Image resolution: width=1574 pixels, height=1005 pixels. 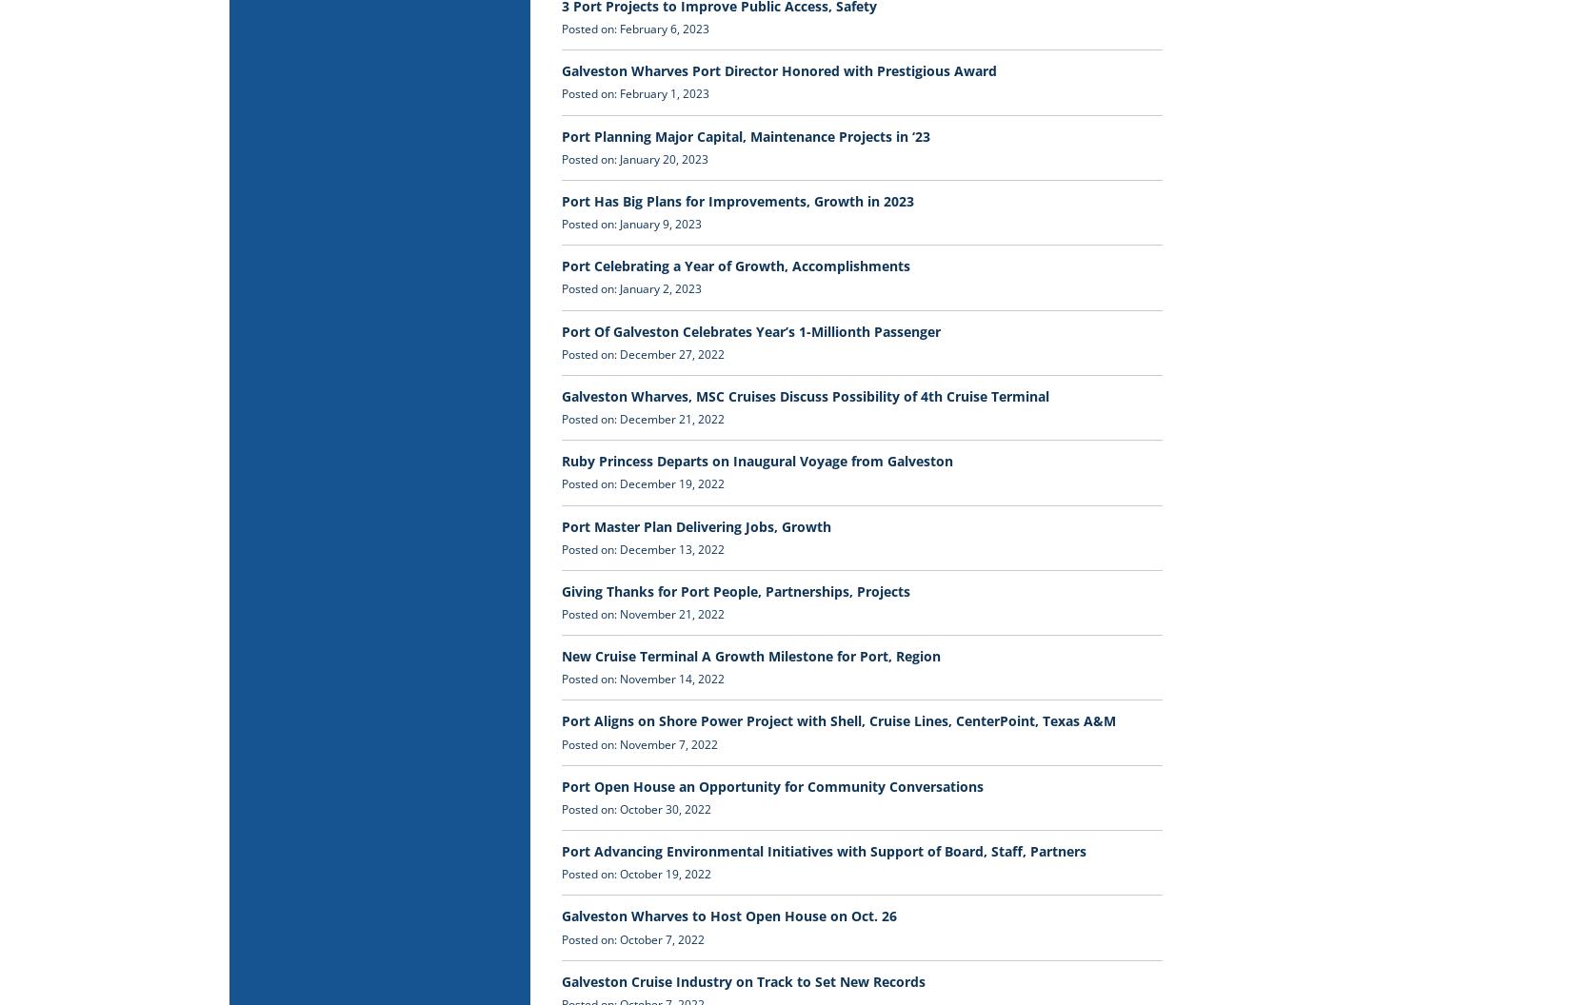 I want to click on 'New Cruise Terminal A Growth Milestone for Port, Region', so click(x=560, y=656).